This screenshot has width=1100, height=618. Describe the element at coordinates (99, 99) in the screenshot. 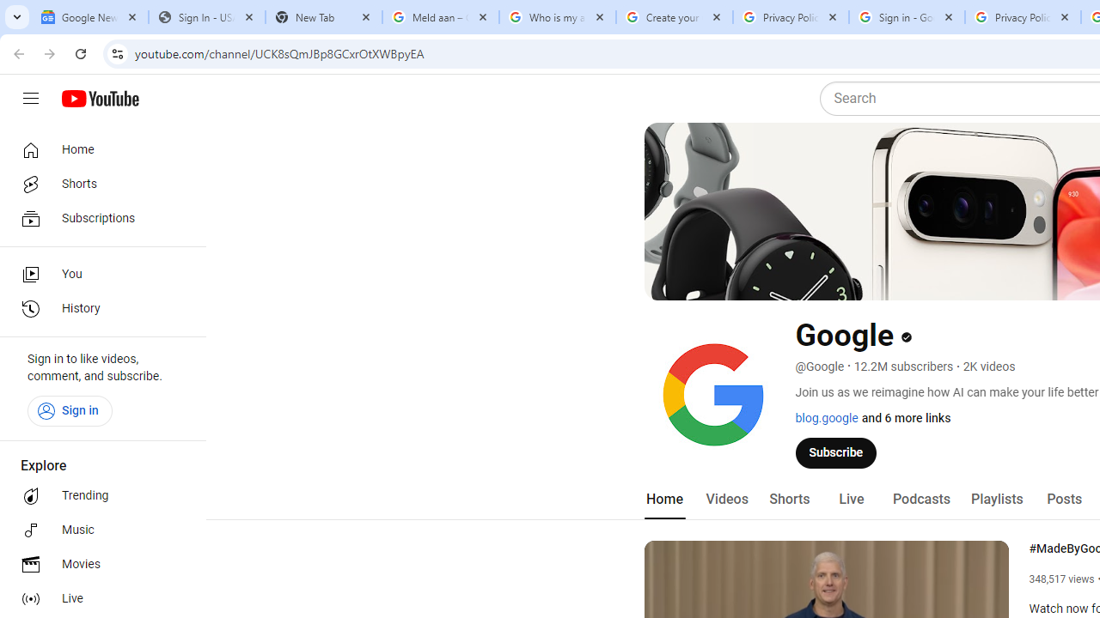

I see `'YouTube Home'` at that location.